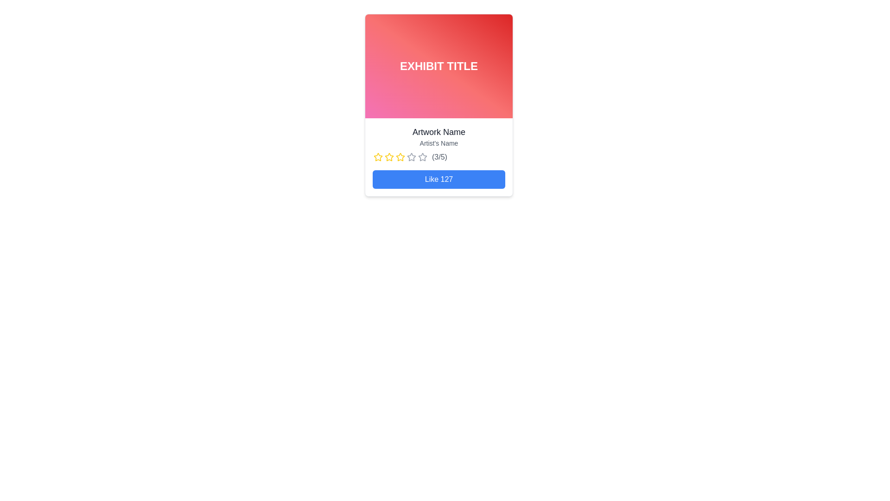 This screenshot has width=890, height=501. I want to click on the third star icon, so click(400, 156).